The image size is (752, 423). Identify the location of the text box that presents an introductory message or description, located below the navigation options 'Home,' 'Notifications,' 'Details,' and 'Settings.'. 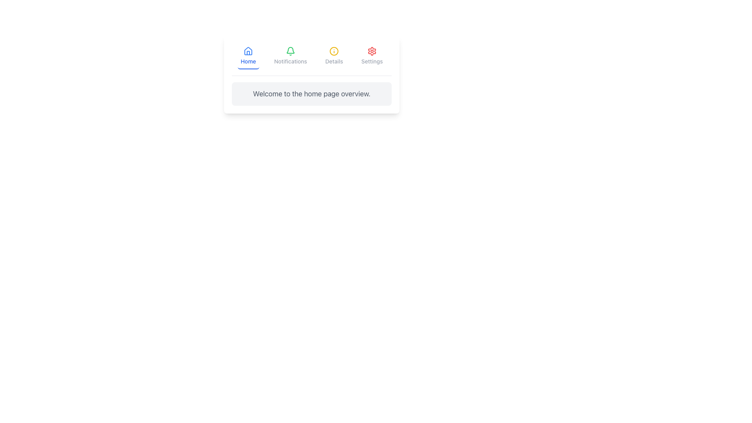
(311, 93).